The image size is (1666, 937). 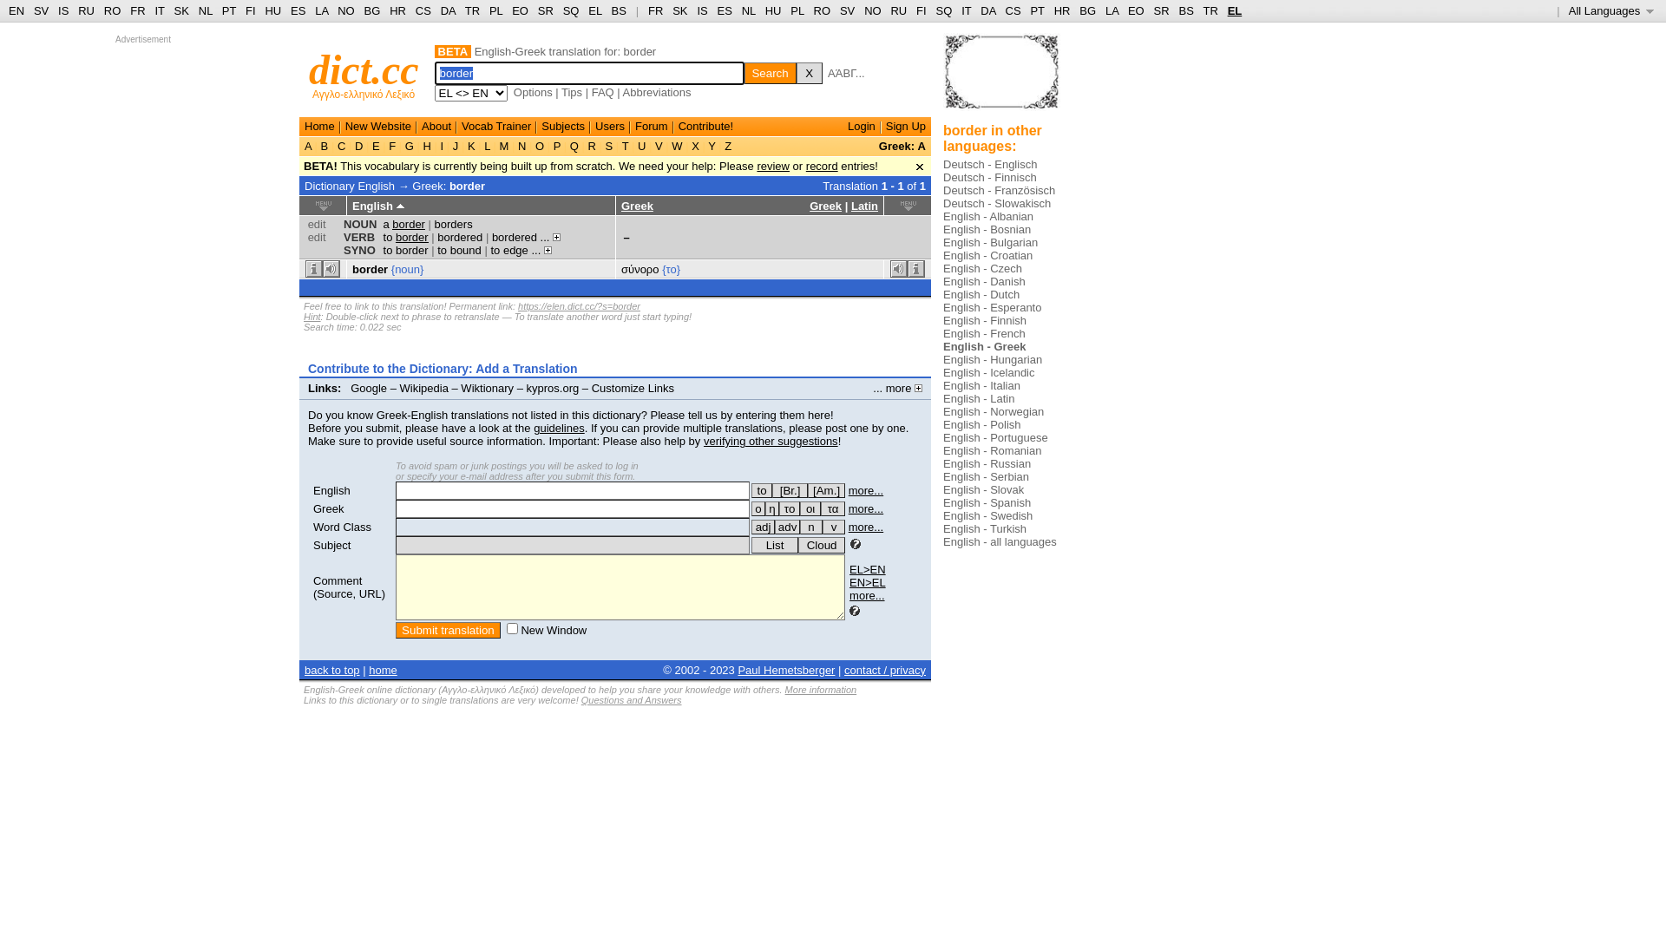 I want to click on 'More information', so click(x=820, y=688).